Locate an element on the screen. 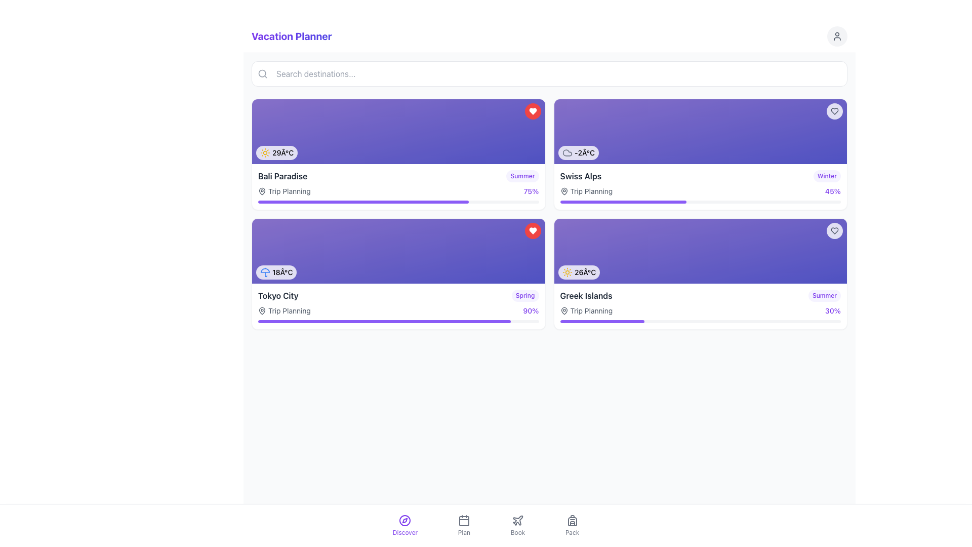 This screenshot has height=547, width=972. the progress label for 'Trip Planning' which displays the text 'Trip Planning' and the percentage '90%' located within the 'Tokyo City' card under the header 'Tokyo City' is located at coordinates (398, 310).